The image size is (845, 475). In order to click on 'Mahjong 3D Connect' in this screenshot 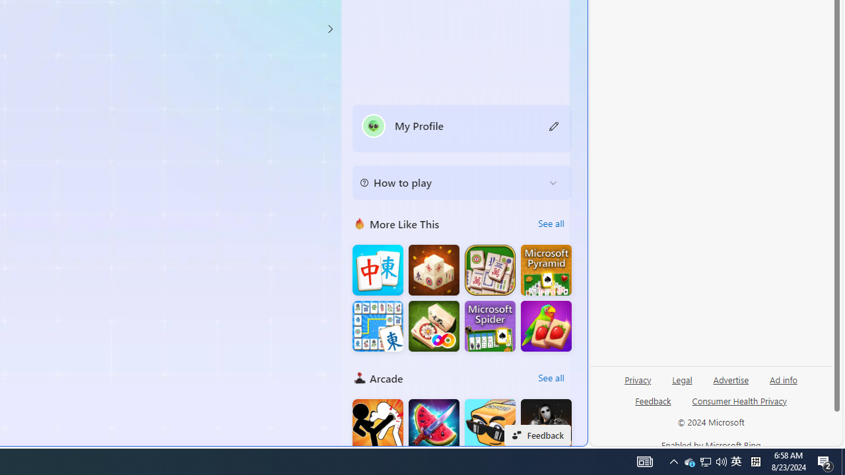, I will do `click(434, 269)`.